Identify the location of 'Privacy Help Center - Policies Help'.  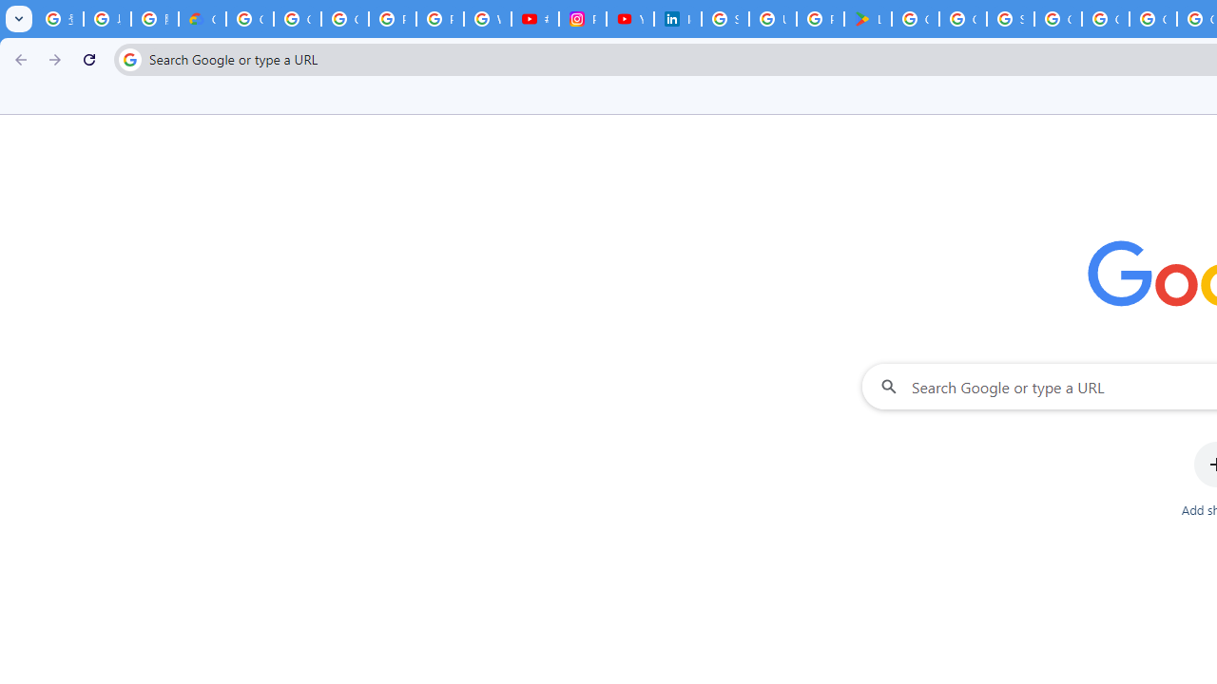
(438, 19).